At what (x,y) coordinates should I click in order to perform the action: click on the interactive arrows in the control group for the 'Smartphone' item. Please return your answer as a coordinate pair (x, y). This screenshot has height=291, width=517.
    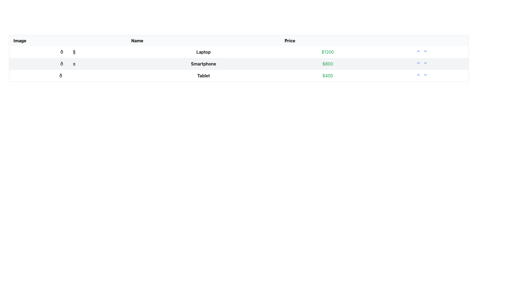
    Looking at the image, I should click on (421, 63).